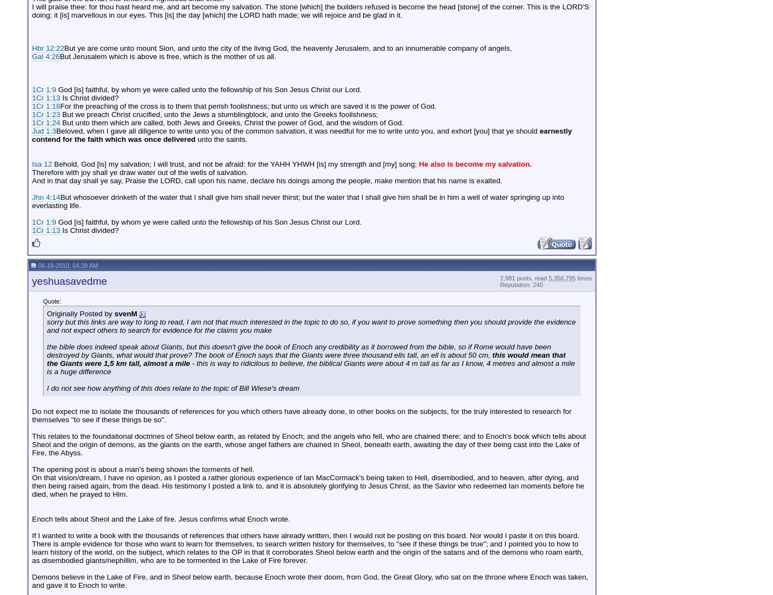 This screenshot has width=773, height=595. I want to click on 'And in that day shall ye say, Praise the LORD, call upon his name, declare his doings among the people, make mention that his name is exalted.', so click(266, 179).